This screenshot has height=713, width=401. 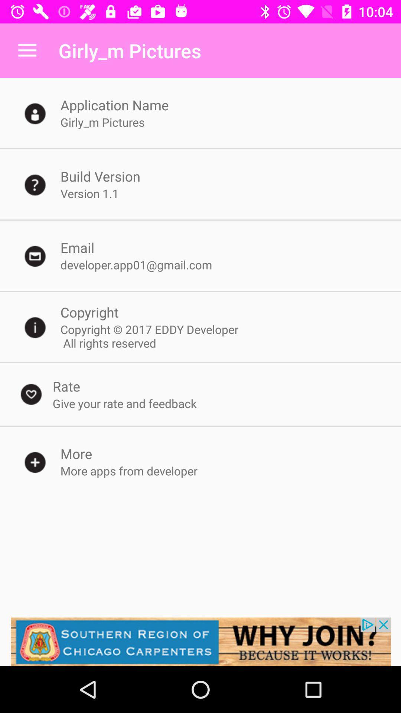 What do you see at coordinates (200, 641) in the screenshot?
I see `read the advertisement` at bounding box center [200, 641].